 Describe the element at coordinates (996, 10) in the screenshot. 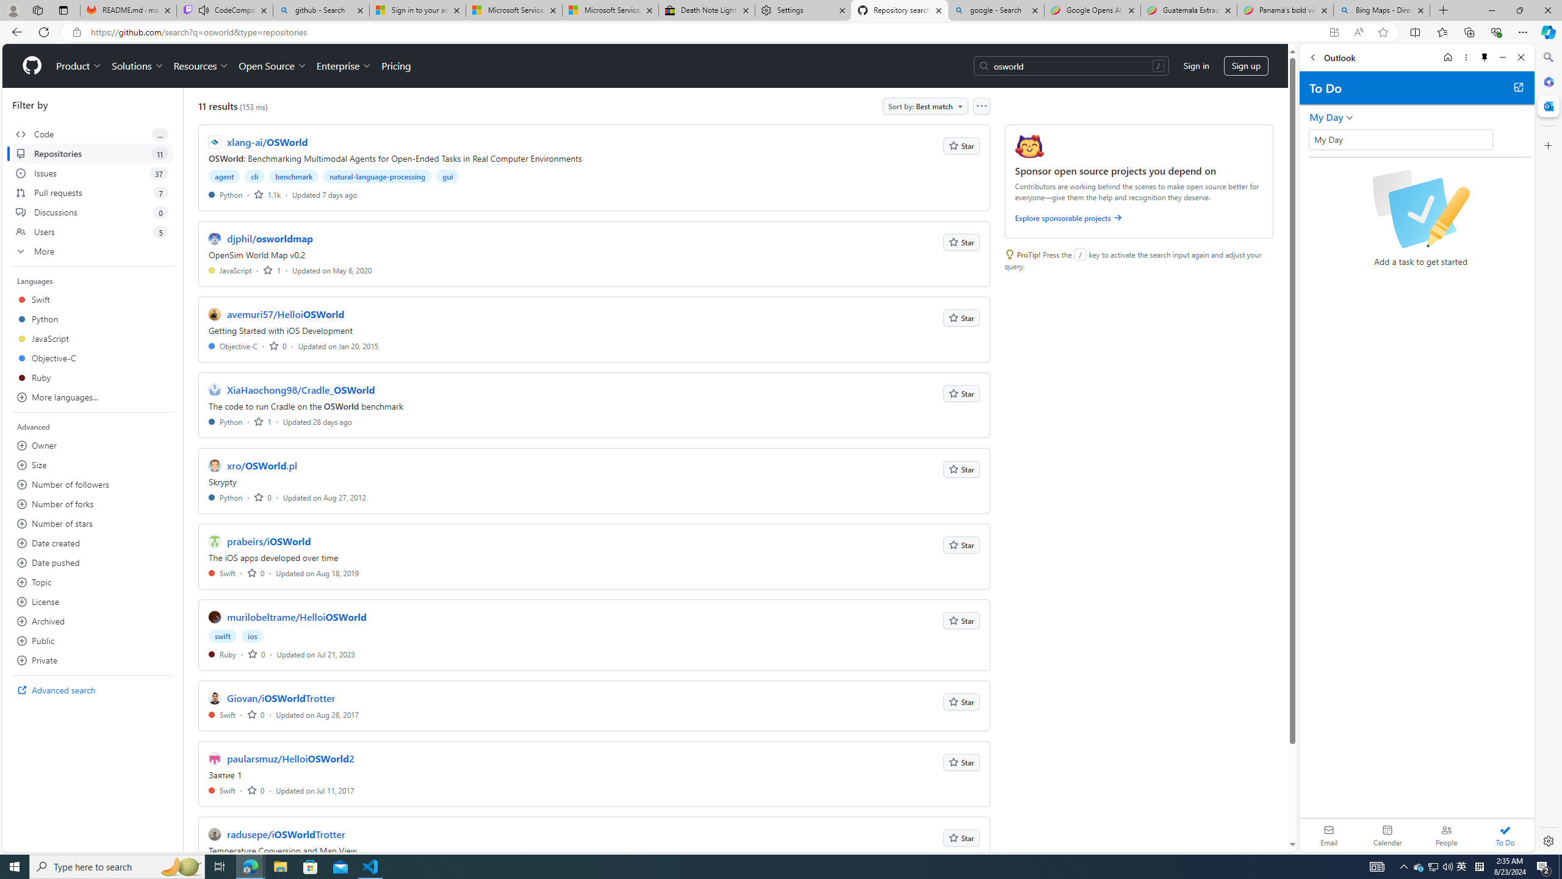

I see `'google - Search'` at that location.